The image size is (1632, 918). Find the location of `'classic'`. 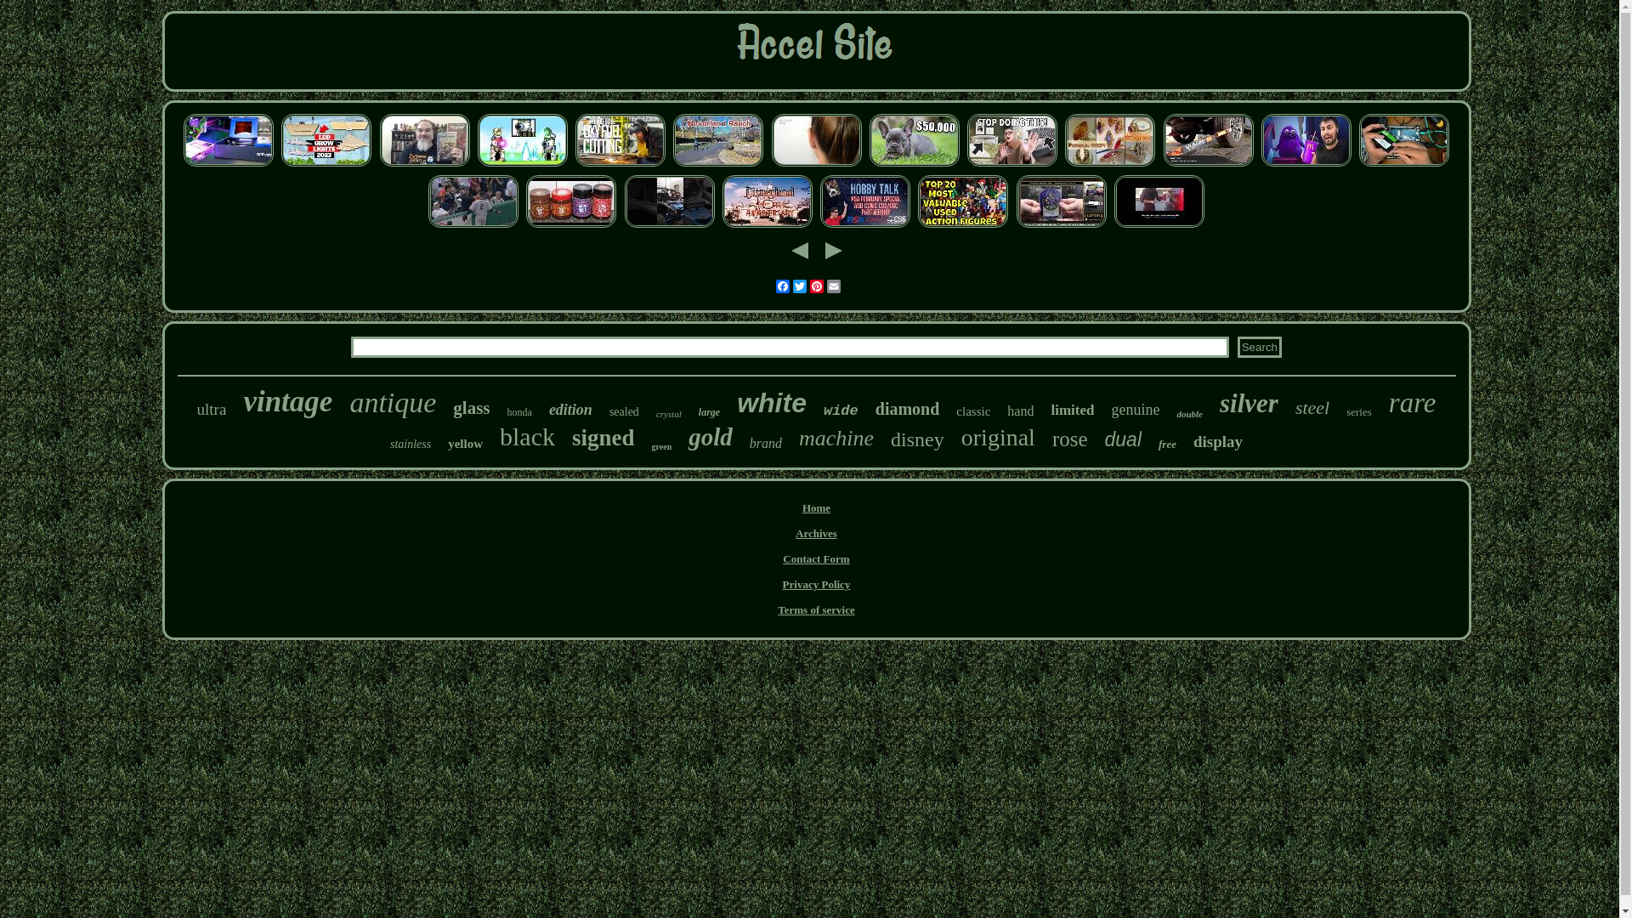

'classic' is located at coordinates (955, 411).